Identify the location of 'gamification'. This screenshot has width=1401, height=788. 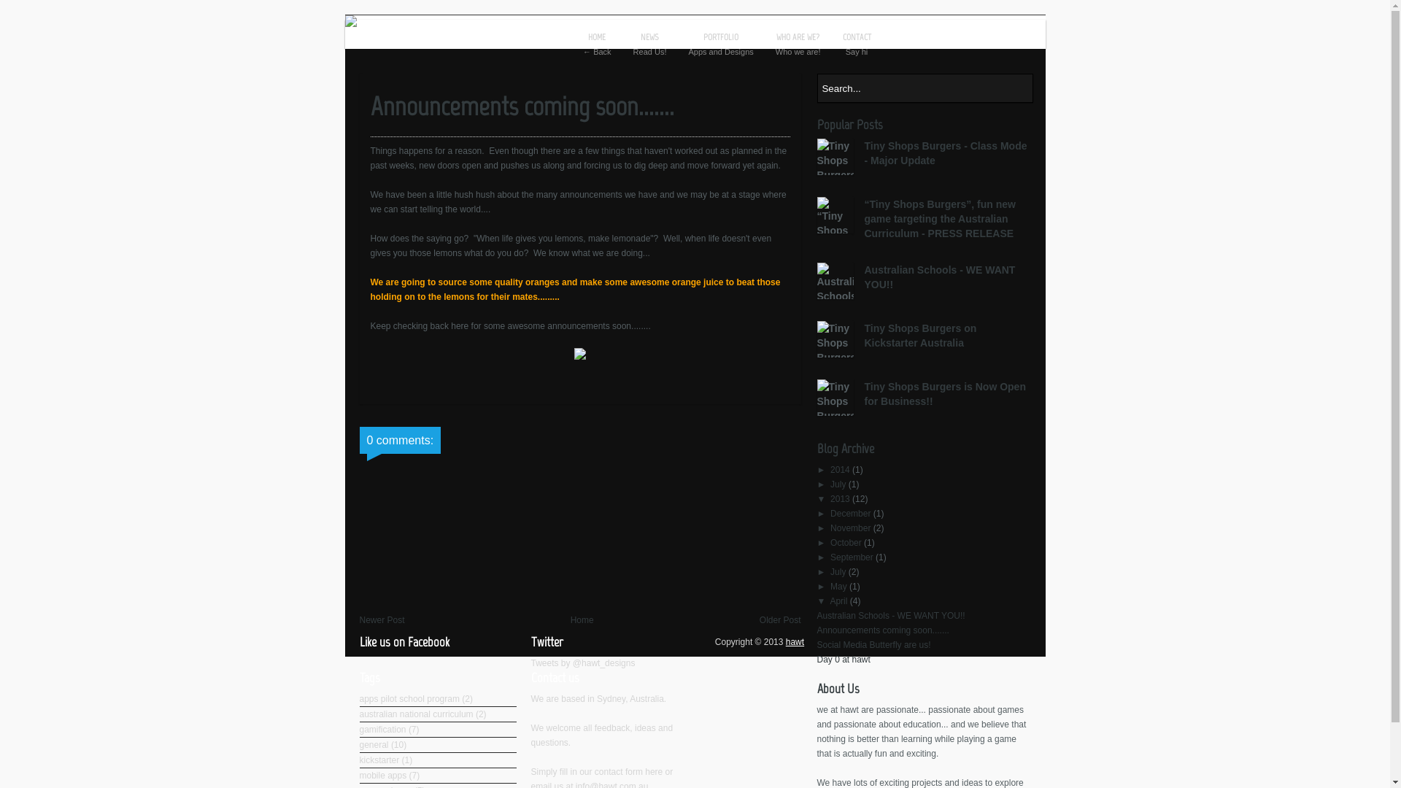
(382, 729).